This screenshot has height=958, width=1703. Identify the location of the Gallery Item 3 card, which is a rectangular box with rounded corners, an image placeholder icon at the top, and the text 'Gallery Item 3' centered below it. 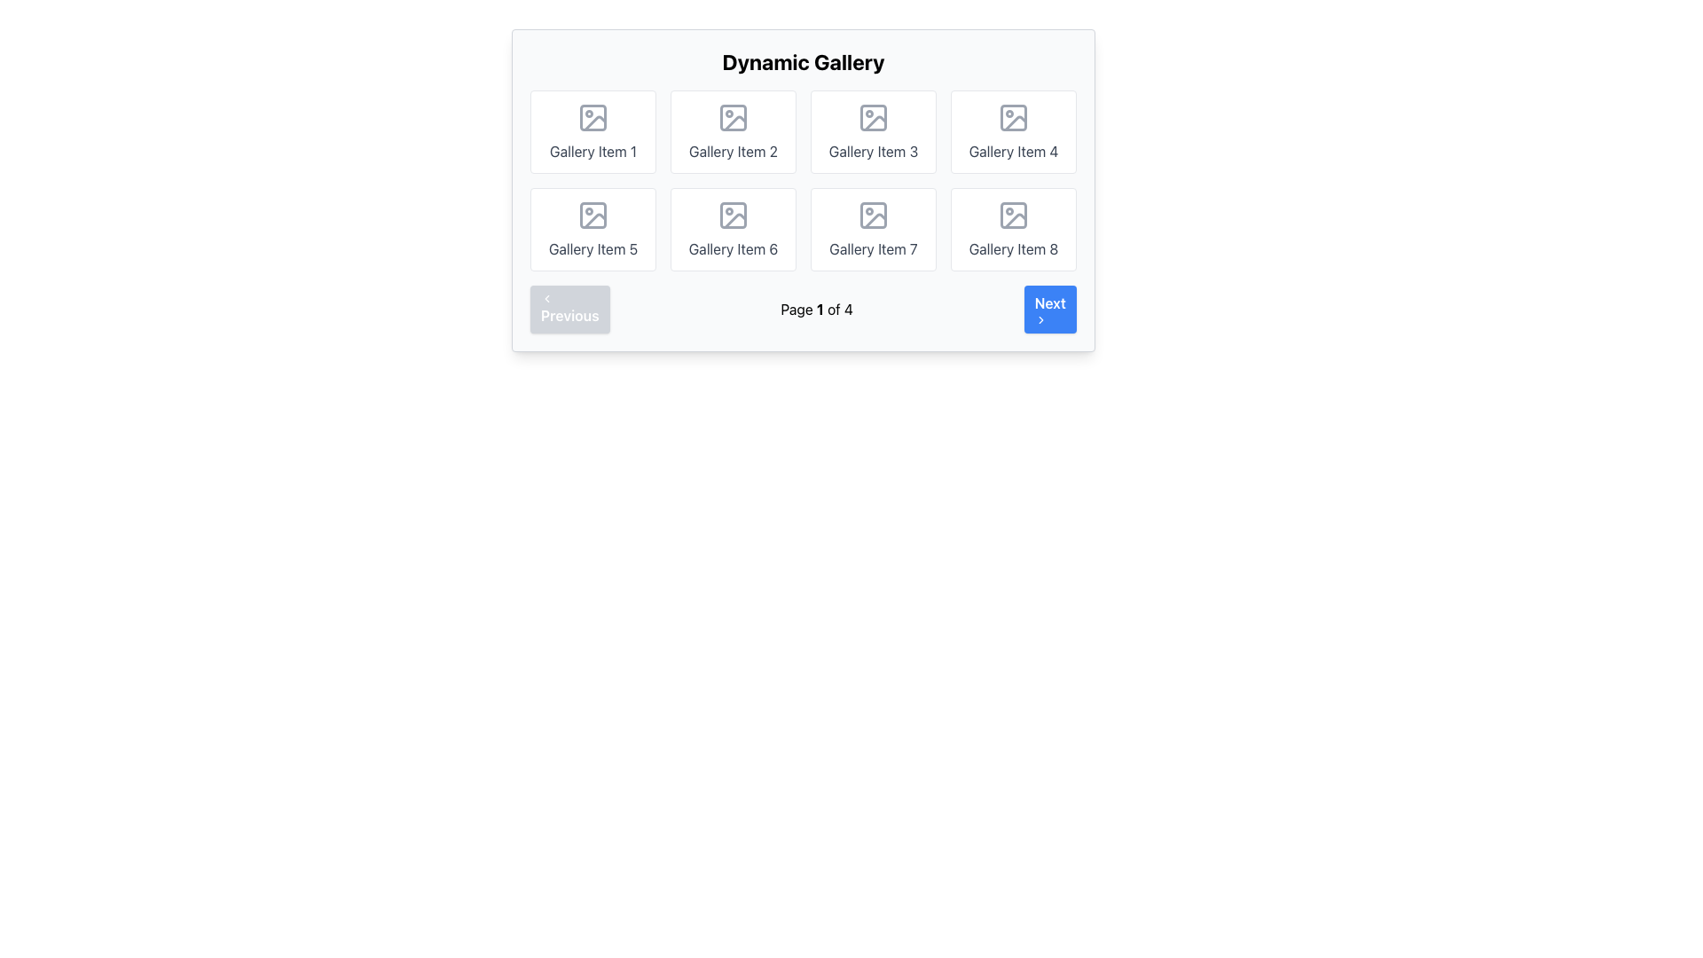
(873, 131).